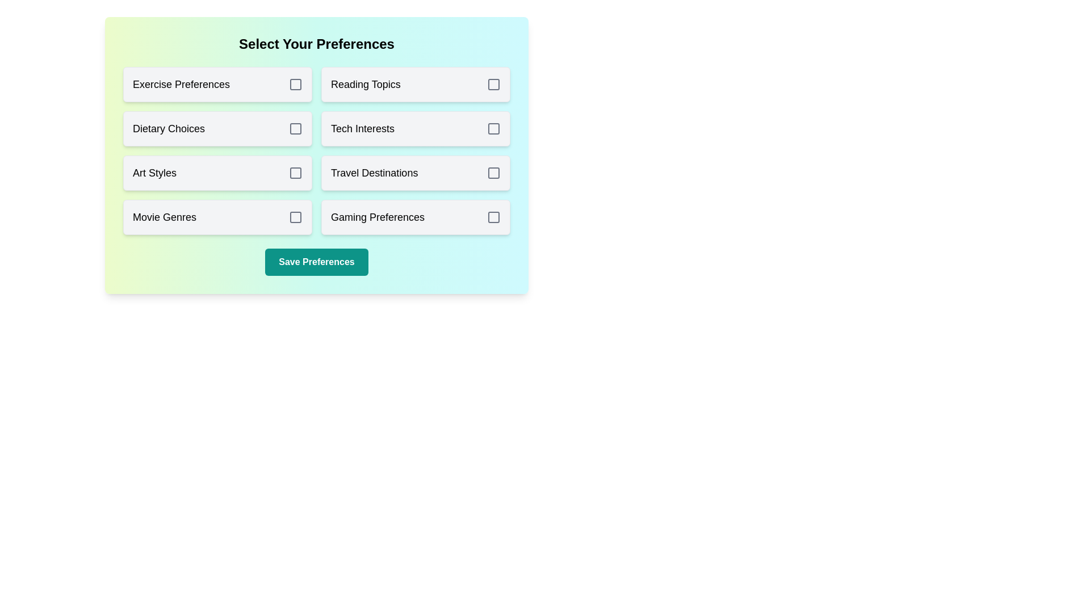 The image size is (1090, 613). Describe the element at coordinates (217, 128) in the screenshot. I see `the preference option Dietary Choices` at that location.